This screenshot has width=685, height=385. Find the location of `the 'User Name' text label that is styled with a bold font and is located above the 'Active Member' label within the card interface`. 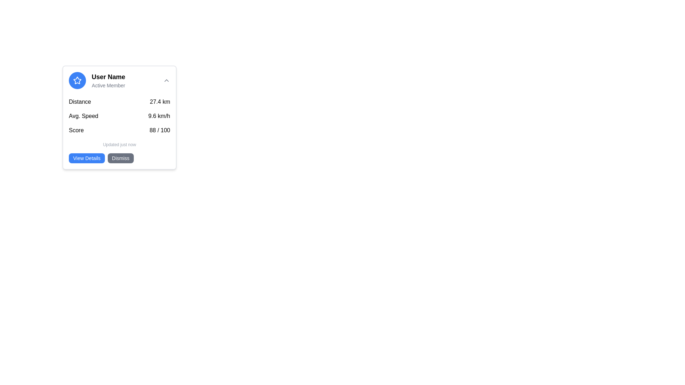

the 'User Name' text label that is styled with a bold font and is located above the 'Active Member' label within the card interface is located at coordinates (108, 77).